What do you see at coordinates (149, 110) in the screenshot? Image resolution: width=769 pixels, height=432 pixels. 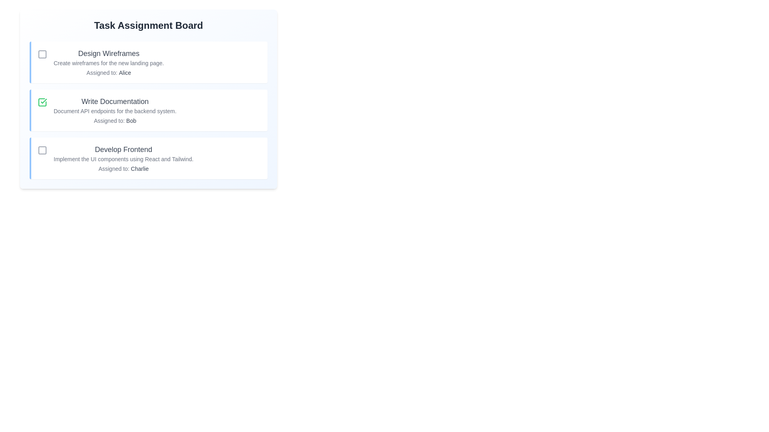 I see `the task item labeled 'Write Documentation', which includes a description and an assignment detail, positioned in the task board interface` at bounding box center [149, 110].